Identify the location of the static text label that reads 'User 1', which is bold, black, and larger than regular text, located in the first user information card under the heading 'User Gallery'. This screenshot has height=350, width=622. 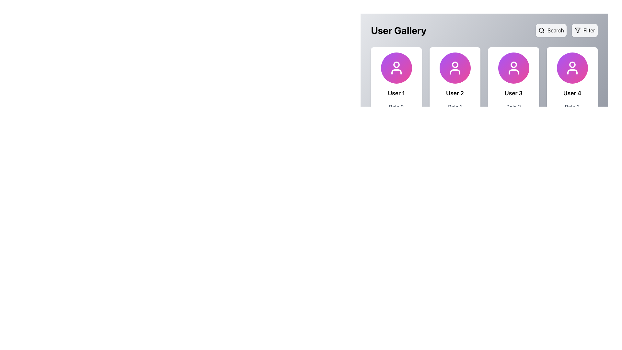
(396, 93).